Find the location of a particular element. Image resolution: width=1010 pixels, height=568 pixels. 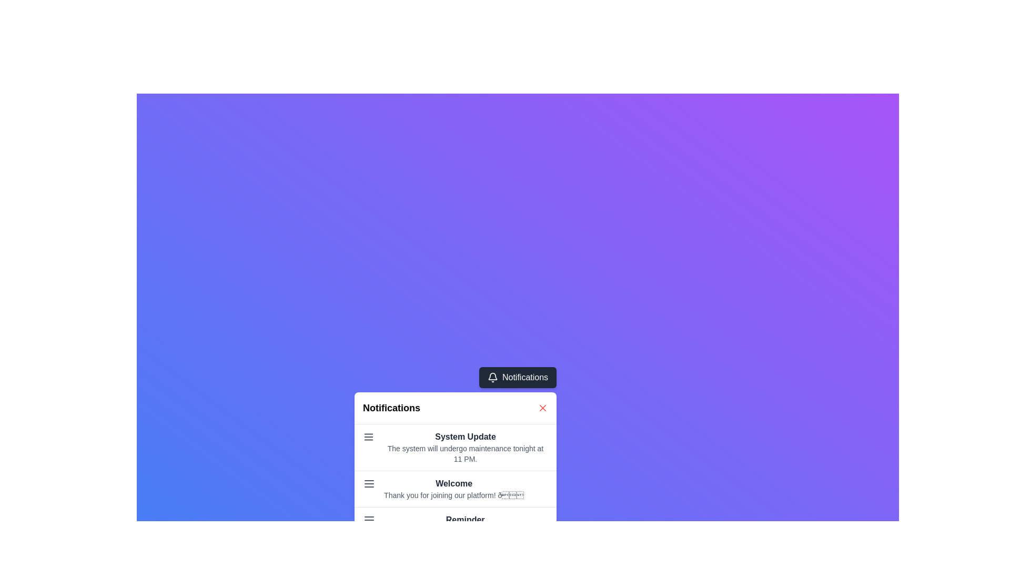

the hamburger menu SVG icon located at the left side of the notification item titled 'Welcome', which aligns with the text 'Thank you for joining our platform! 🎉' is located at coordinates (369, 484).